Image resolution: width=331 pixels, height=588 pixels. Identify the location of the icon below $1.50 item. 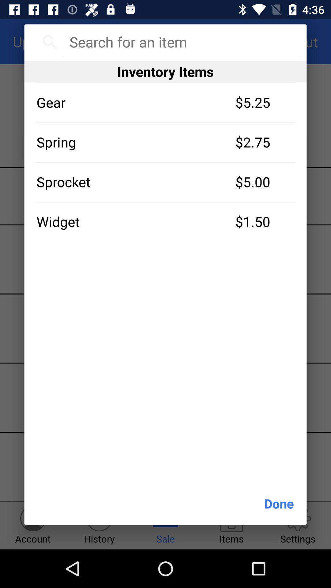
(279, 503).